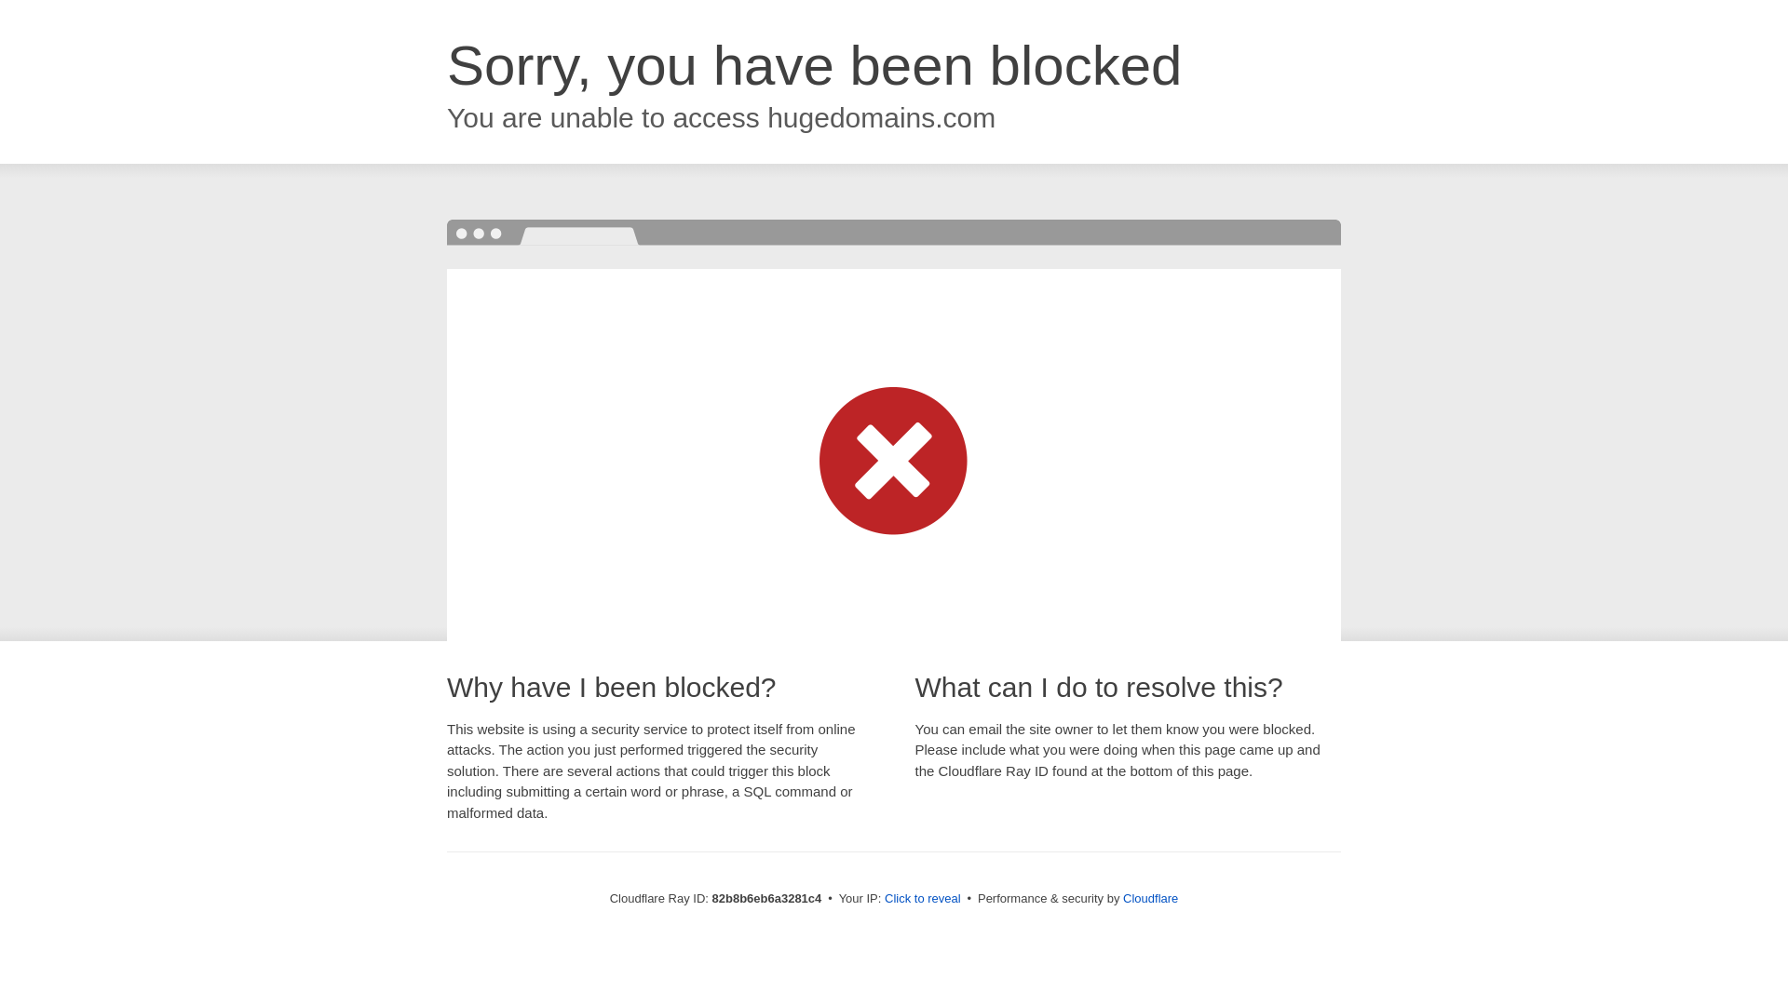  Describe the element at coordinates (1121, 897) in the screenshot. I see `'Cloudflare'` at that location.